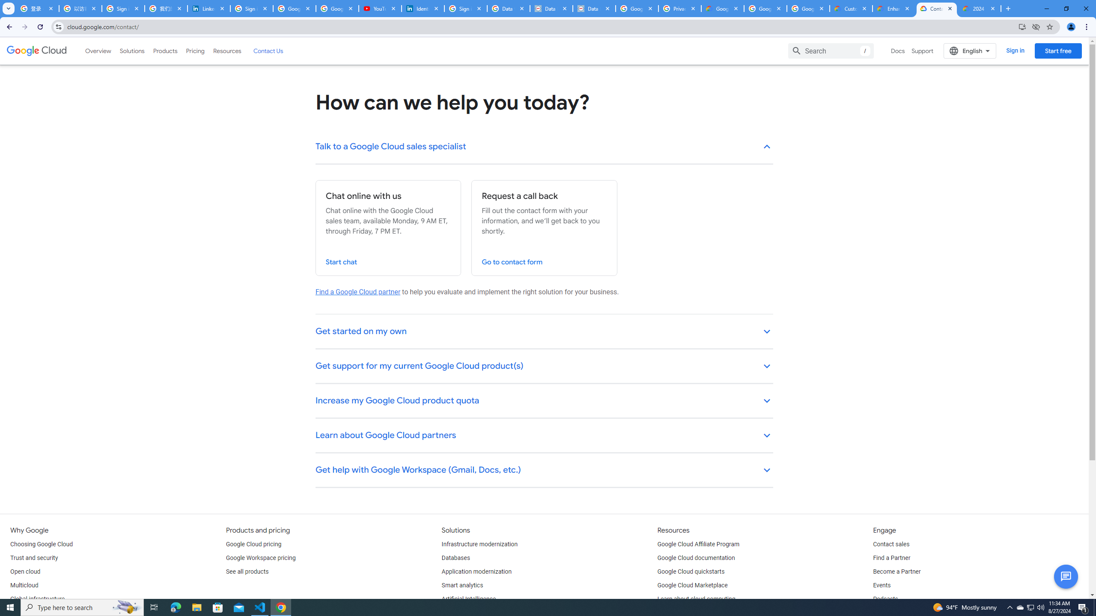 The image size is (1096, 616). I want to click on 'Find a Google Cloud partner', so click(358, 291).